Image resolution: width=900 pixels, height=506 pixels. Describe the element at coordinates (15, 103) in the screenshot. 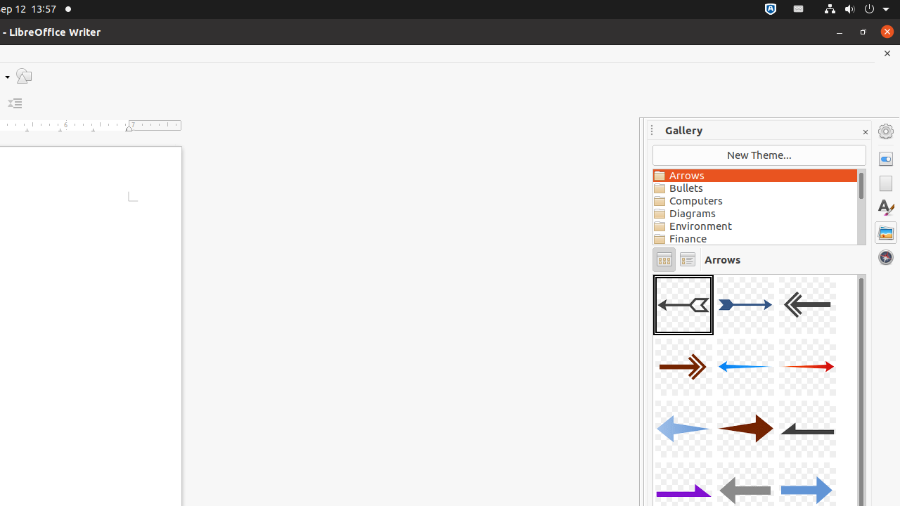

I see `'Decrease'` at that location.